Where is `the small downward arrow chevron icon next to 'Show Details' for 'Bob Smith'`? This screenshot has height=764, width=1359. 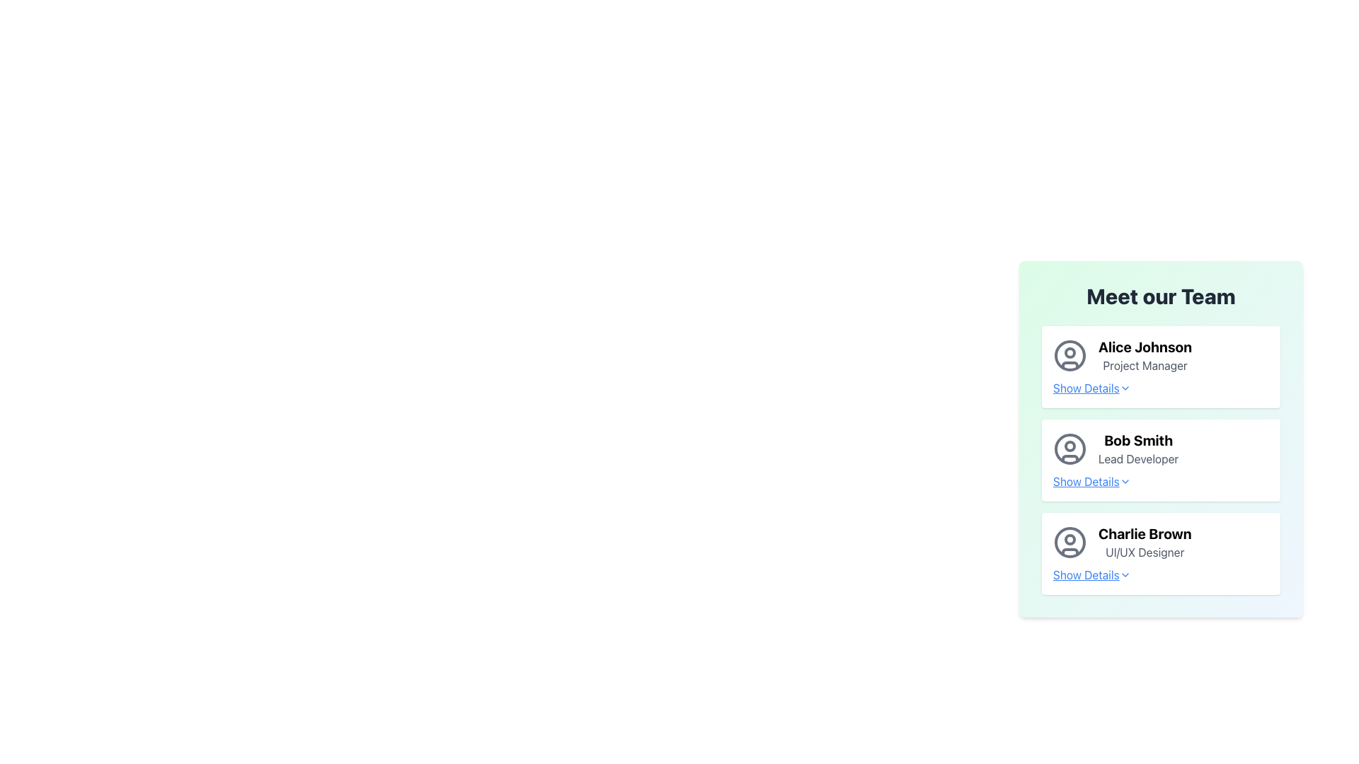 the small downward arrow chevron icon next to 'Show Details' for 'Bob Smith' is located at coordinates (1124, 481).